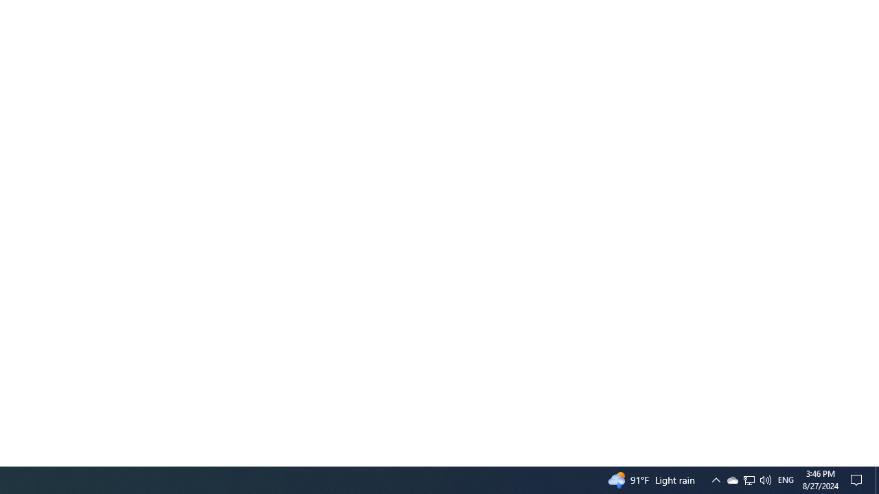 The image size is (879, 494). I want to click on 'Q2790: 100%', so click(764, 479).